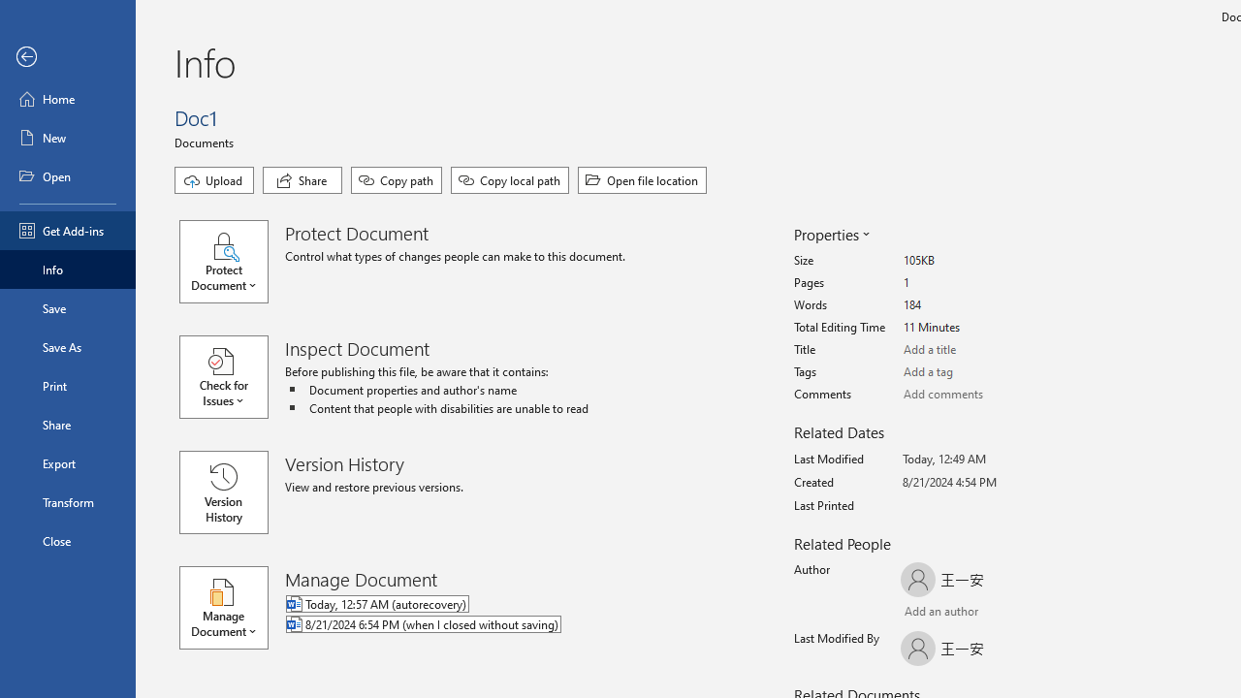 The height and width of the screenshot is (698, 1241). I want to click on 'Transform', so click(67, 501).